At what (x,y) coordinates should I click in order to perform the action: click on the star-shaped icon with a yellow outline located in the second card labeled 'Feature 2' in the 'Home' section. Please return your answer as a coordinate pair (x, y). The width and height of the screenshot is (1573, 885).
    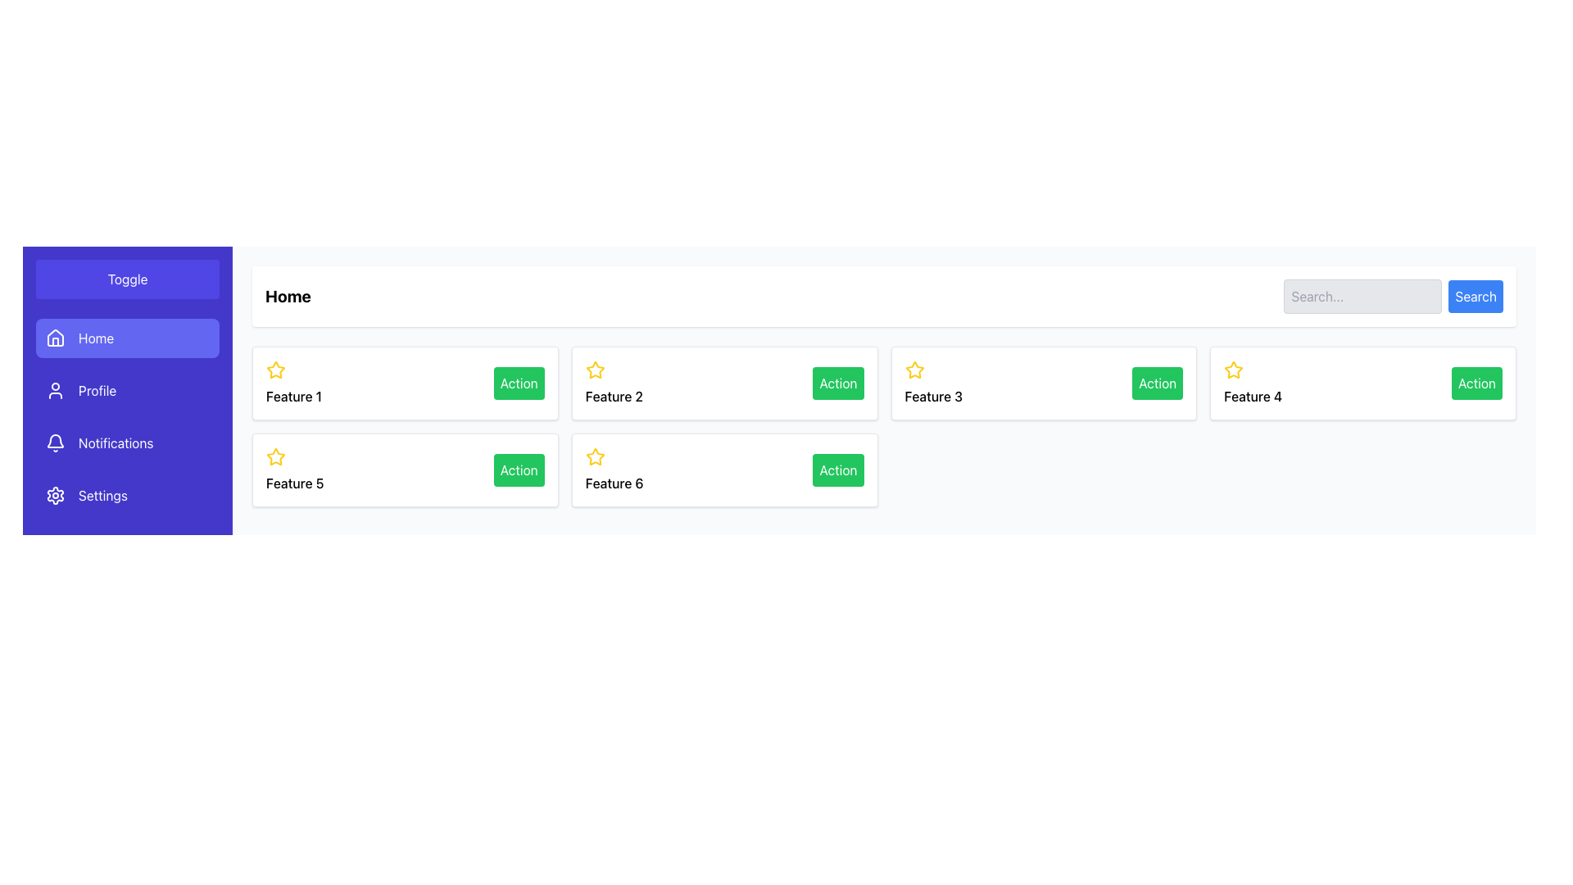
    Looking at the image, I should click on (594, 370).